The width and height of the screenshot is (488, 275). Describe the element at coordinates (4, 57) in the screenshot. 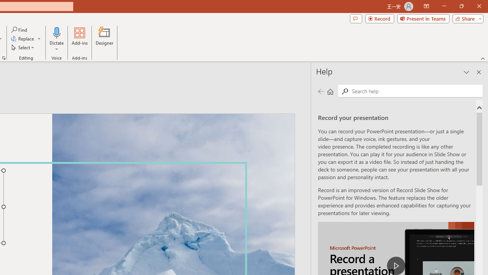

I see `'Format Object...'` at that location.